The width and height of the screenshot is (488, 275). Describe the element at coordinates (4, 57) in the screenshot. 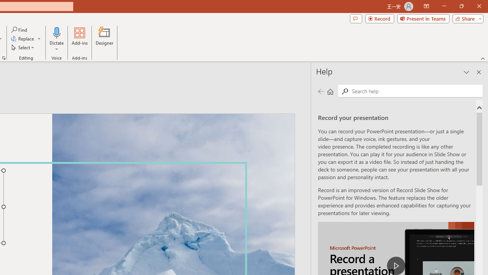

I see `'Format Object...'` at that location.